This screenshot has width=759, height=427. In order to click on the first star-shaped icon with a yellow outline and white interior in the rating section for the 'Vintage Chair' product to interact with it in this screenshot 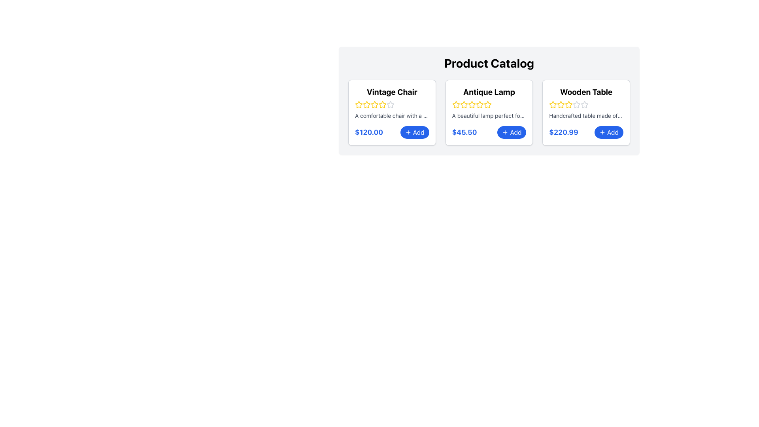, I will do `click(358, 104)`.